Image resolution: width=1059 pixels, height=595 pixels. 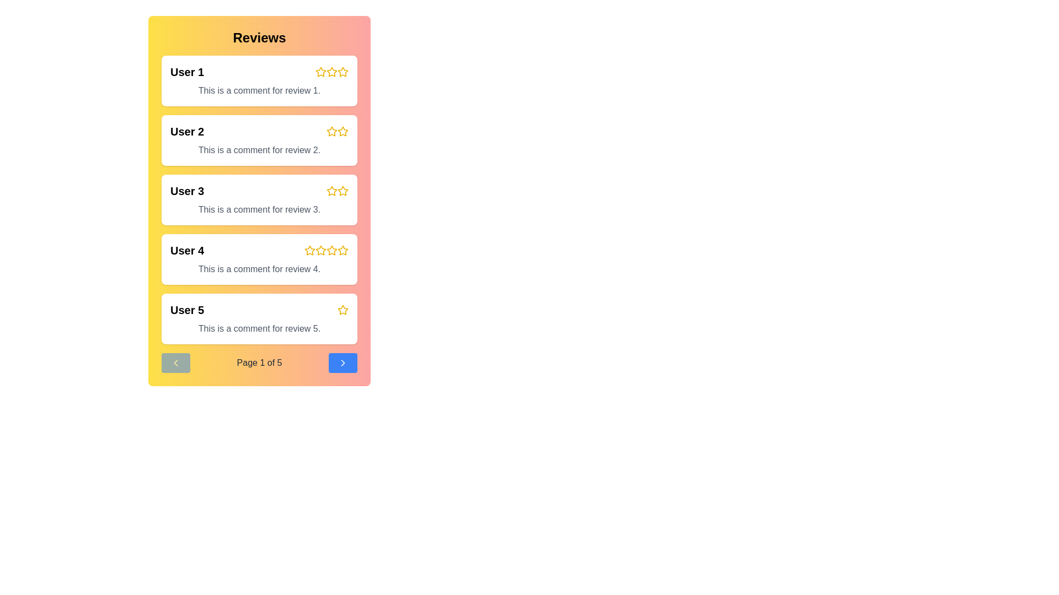 I want to click on text element styled in muted gray color that says 'This is a comment for review 3.' located within the third review card labeled 'User 3', so click(x=259, y=210).